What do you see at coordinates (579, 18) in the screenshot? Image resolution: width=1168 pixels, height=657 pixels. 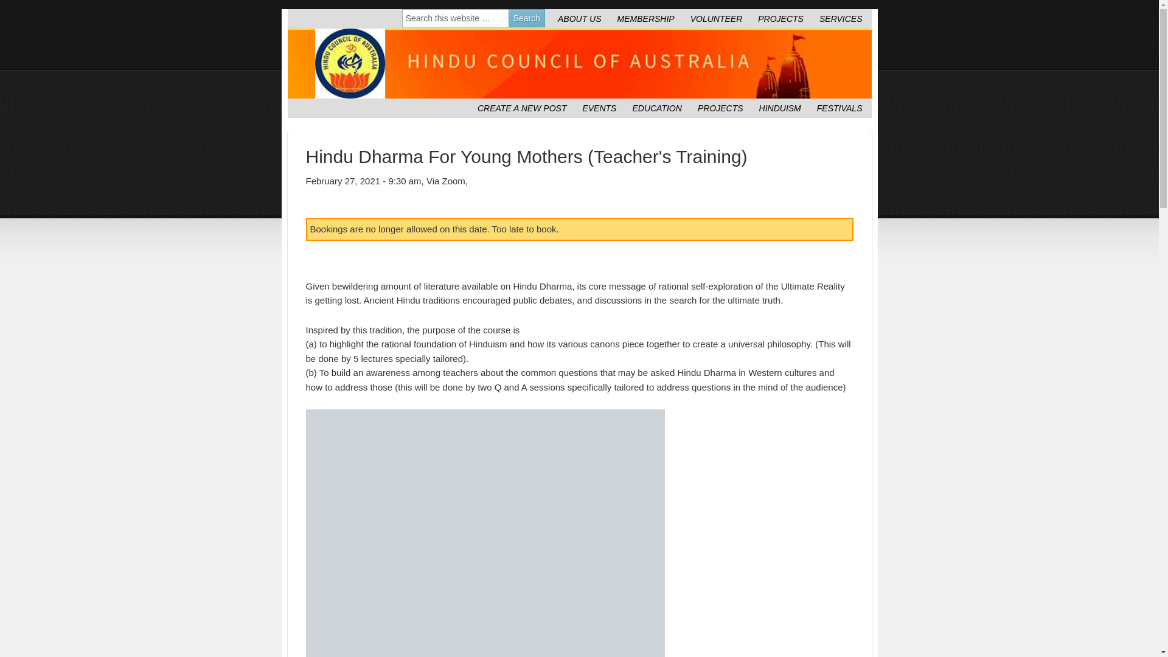 I see `'ABOUT US'` at bounding box center [579, 18].